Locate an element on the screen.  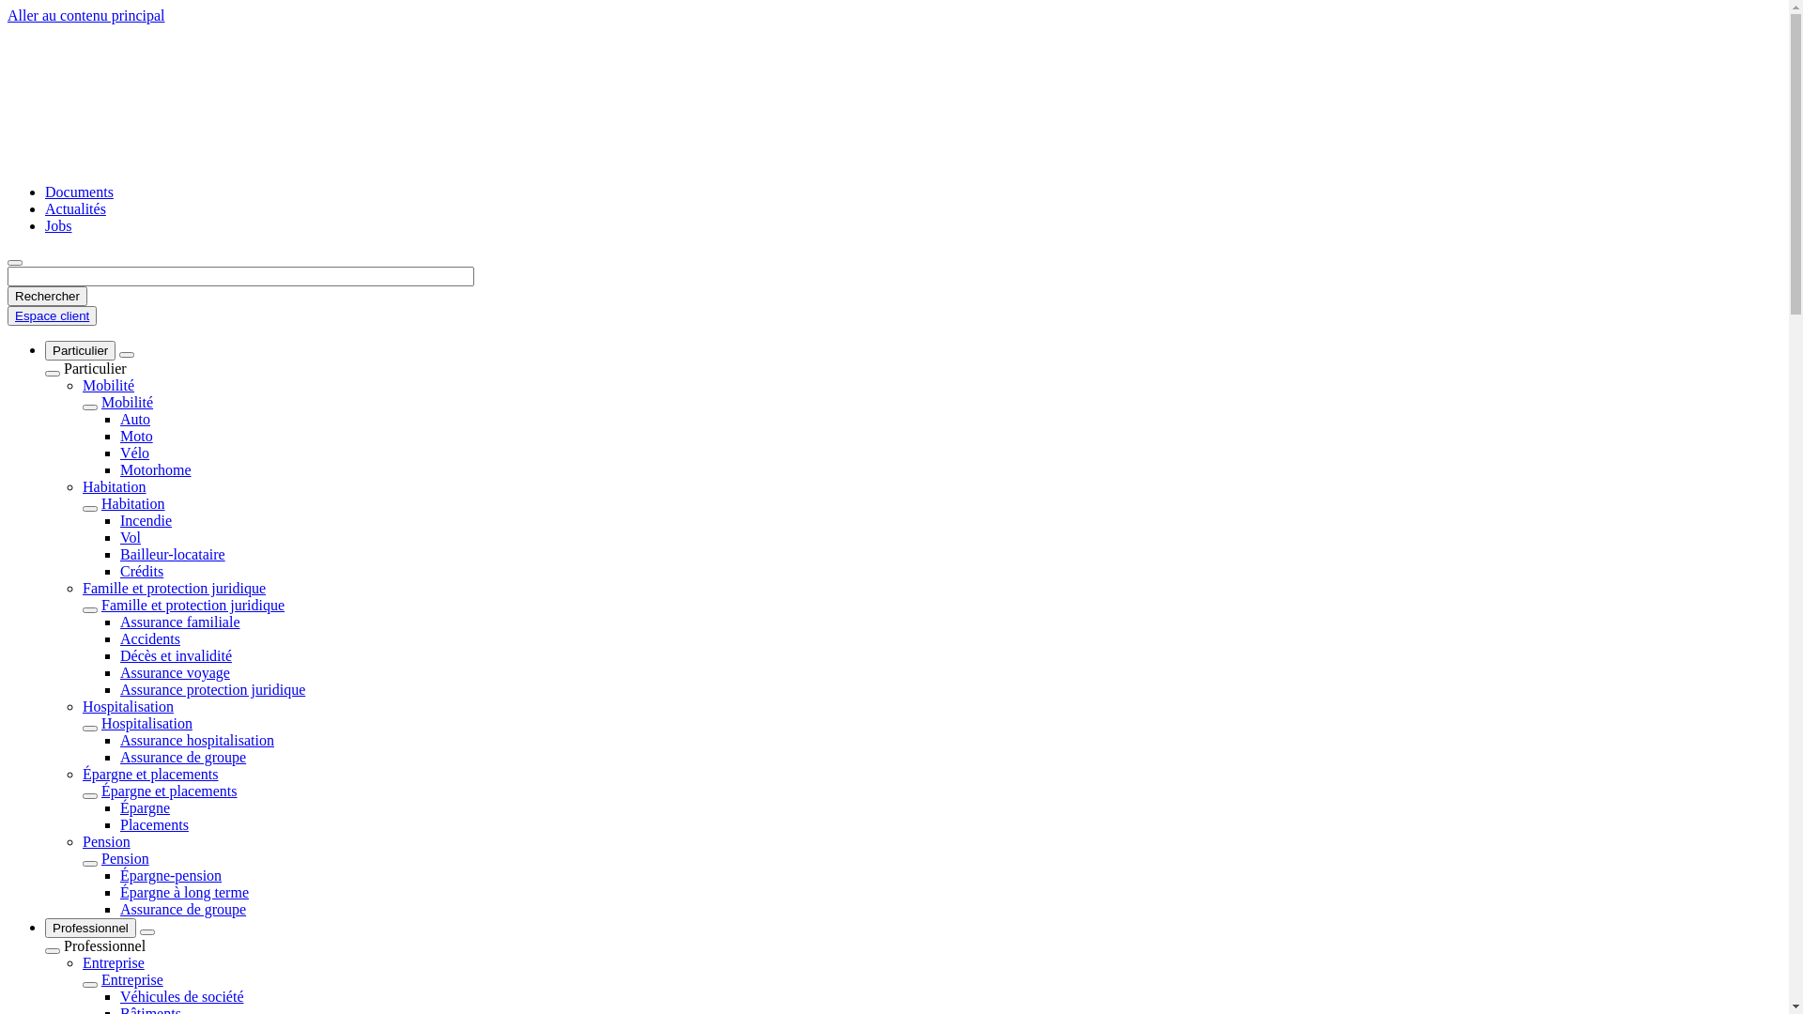
'Hospitalisation' is located at coordinates (146, 722).